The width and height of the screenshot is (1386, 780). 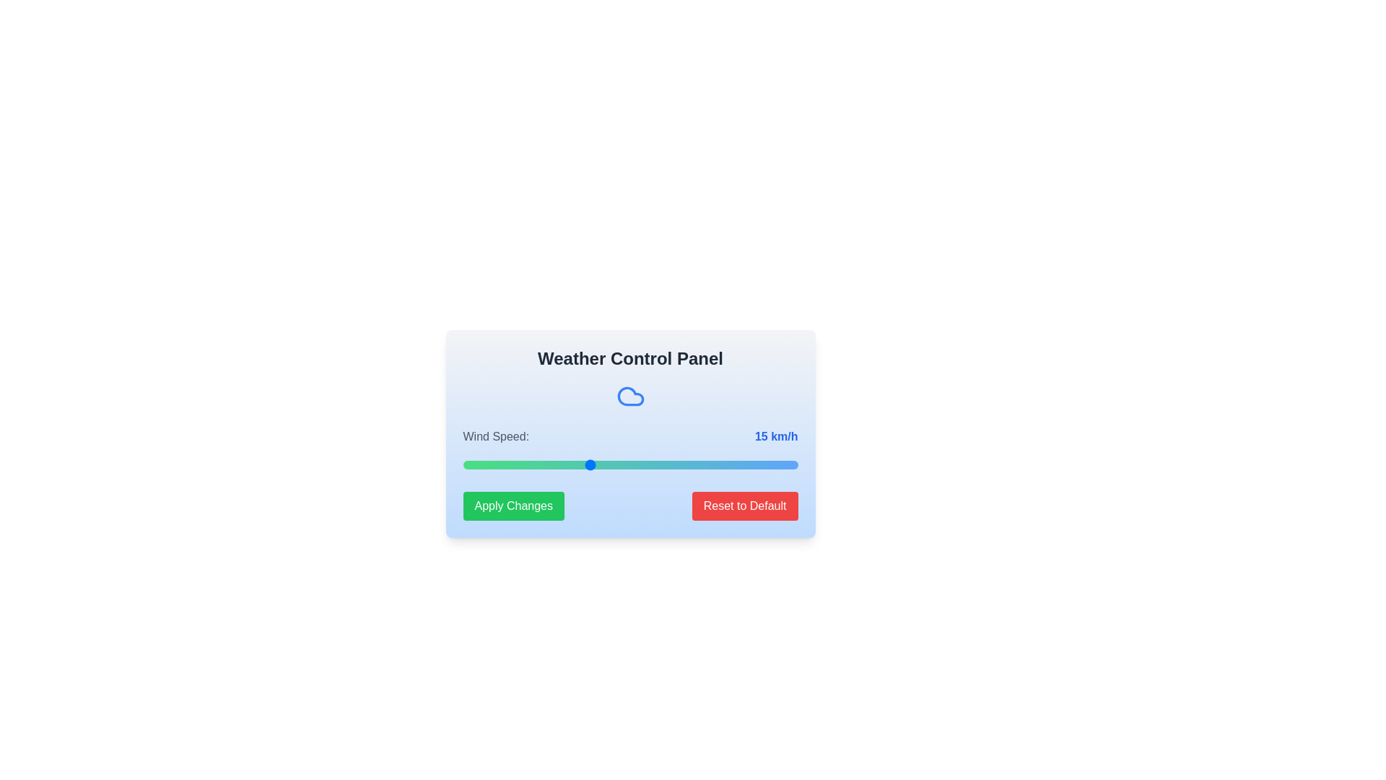 I want to click on the wind speed slider to set the wind speed to 0 km/h, so click(x=463, y=465).